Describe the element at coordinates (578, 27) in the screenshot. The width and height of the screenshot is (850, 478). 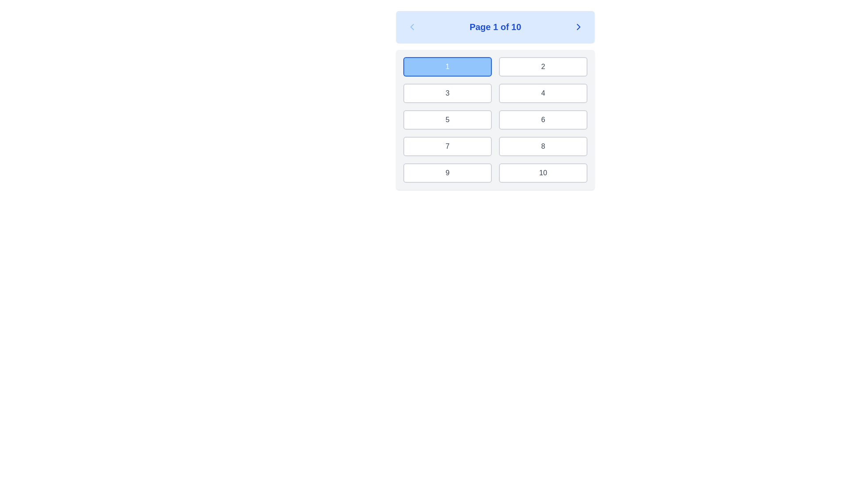
I see `the chevron pointing right icon located in the top-right corner of the header section, which is adjacent to a red icon, to navigate to the next page or section` at that location.